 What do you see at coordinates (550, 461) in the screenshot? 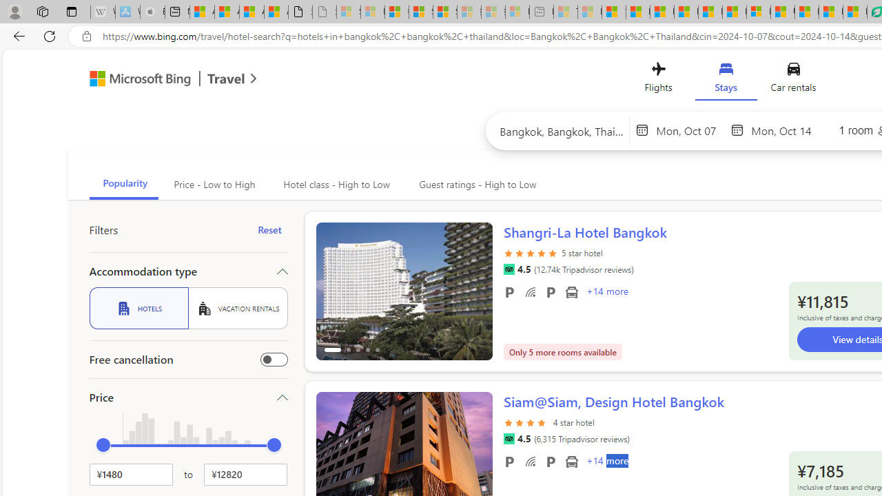
I see `'Valet parking'` at bounding box center [550, 461].